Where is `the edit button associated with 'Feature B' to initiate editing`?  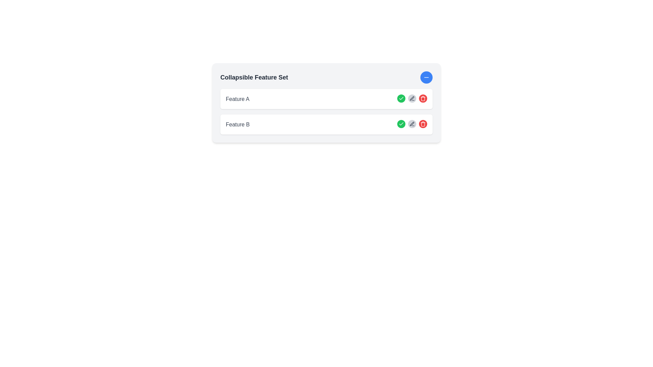 the edit button associated with 'Feature B' to initiate editing is located at coordinates (412, 124).